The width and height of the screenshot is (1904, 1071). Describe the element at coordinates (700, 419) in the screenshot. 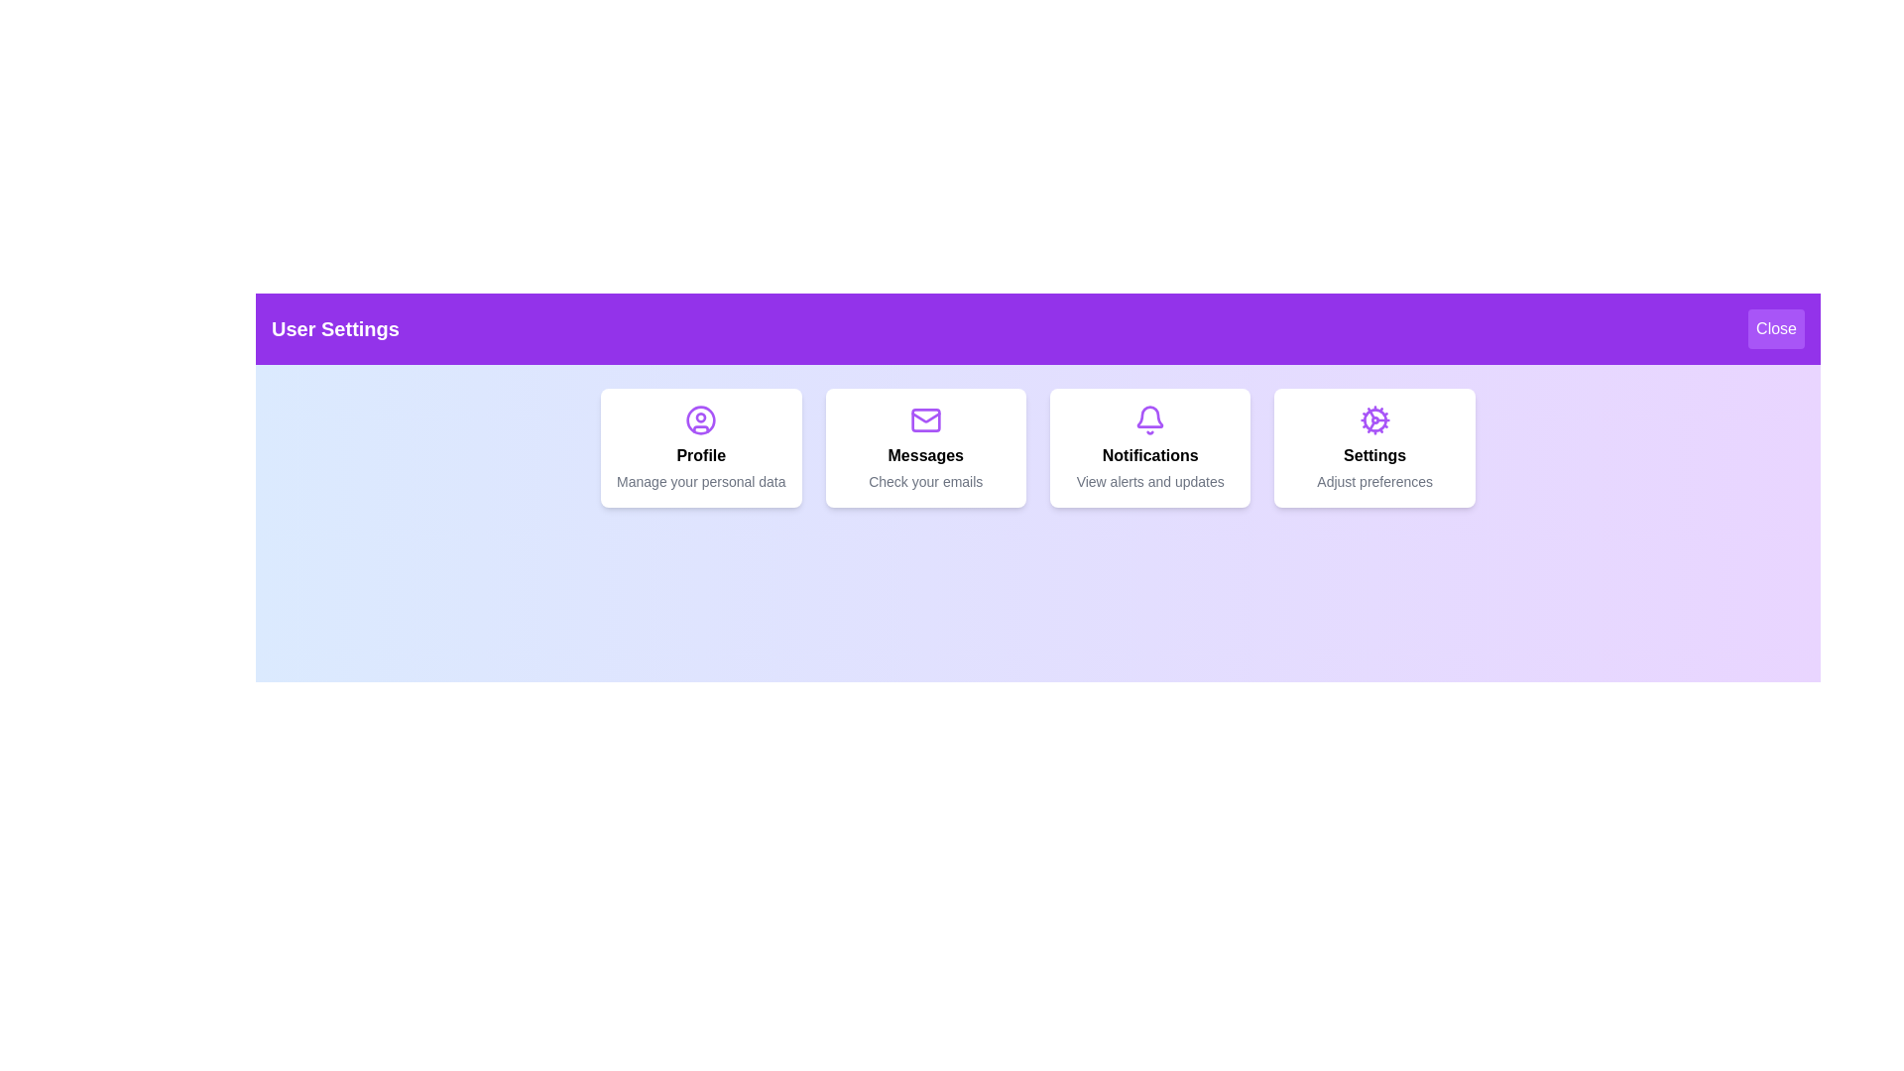

I see `the icon for Profile to interact with it` at that location.